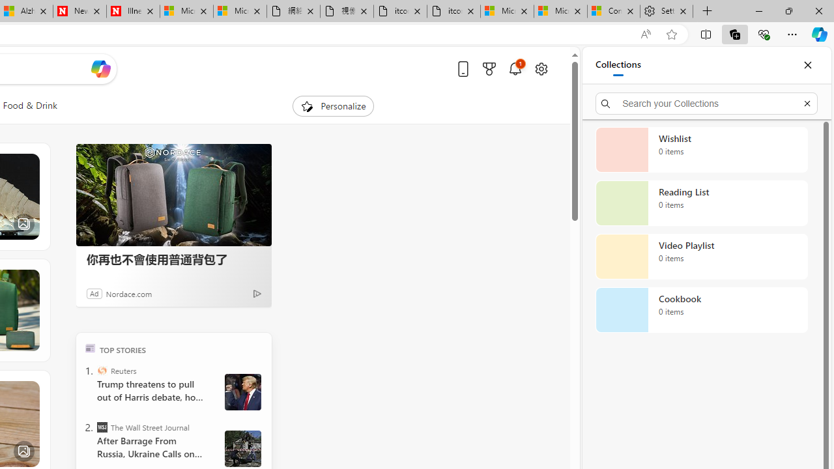  Describe the element at coordinates (706, 103) in the screenshot. I see `'Search your Collections'` at that location.